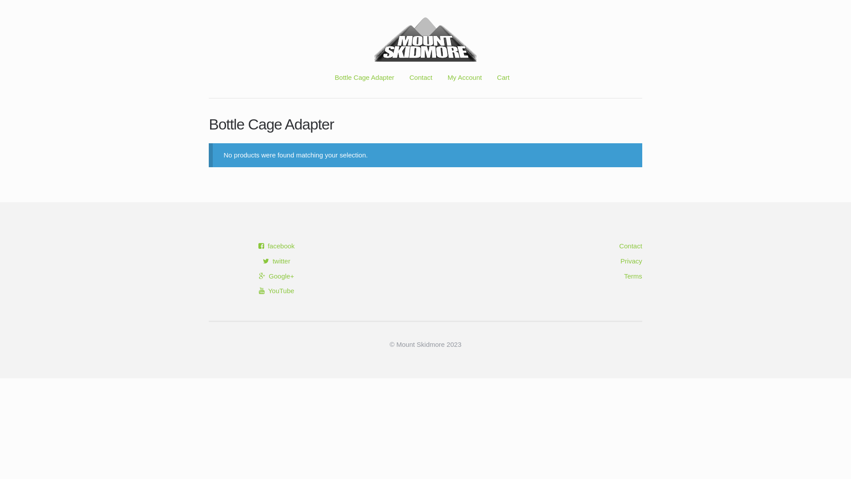  I want to click on 'Cart', so click(503, 85).